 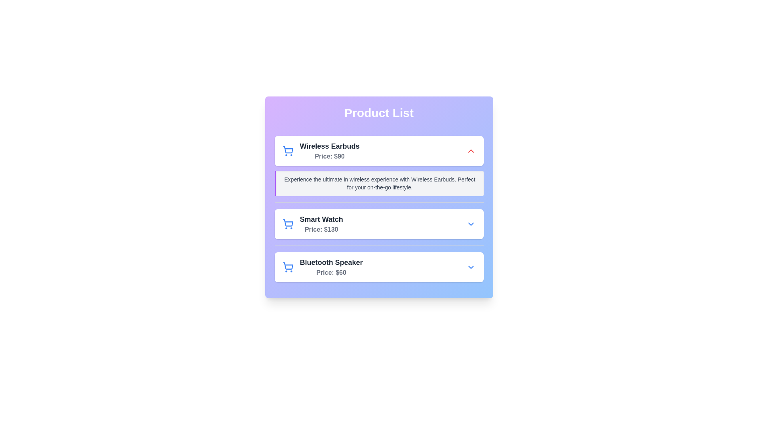 What do you see at coordinates (287, 151) in the screenshot?
I see `the shopping cart icon for the product Wireless Earbuds` at bounding box center [287, 151].